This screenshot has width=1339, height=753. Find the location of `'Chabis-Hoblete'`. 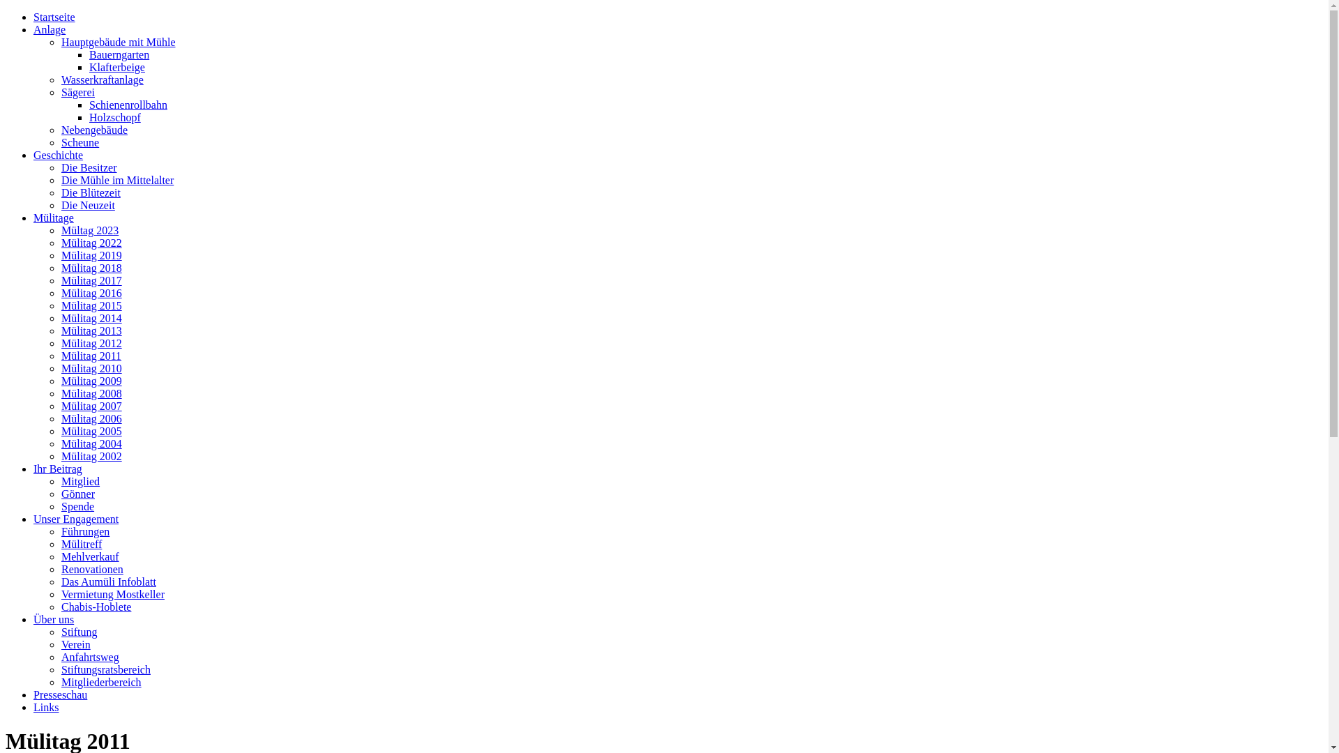

'Chabis-Hoblete' is located at coordinates (96, 606).